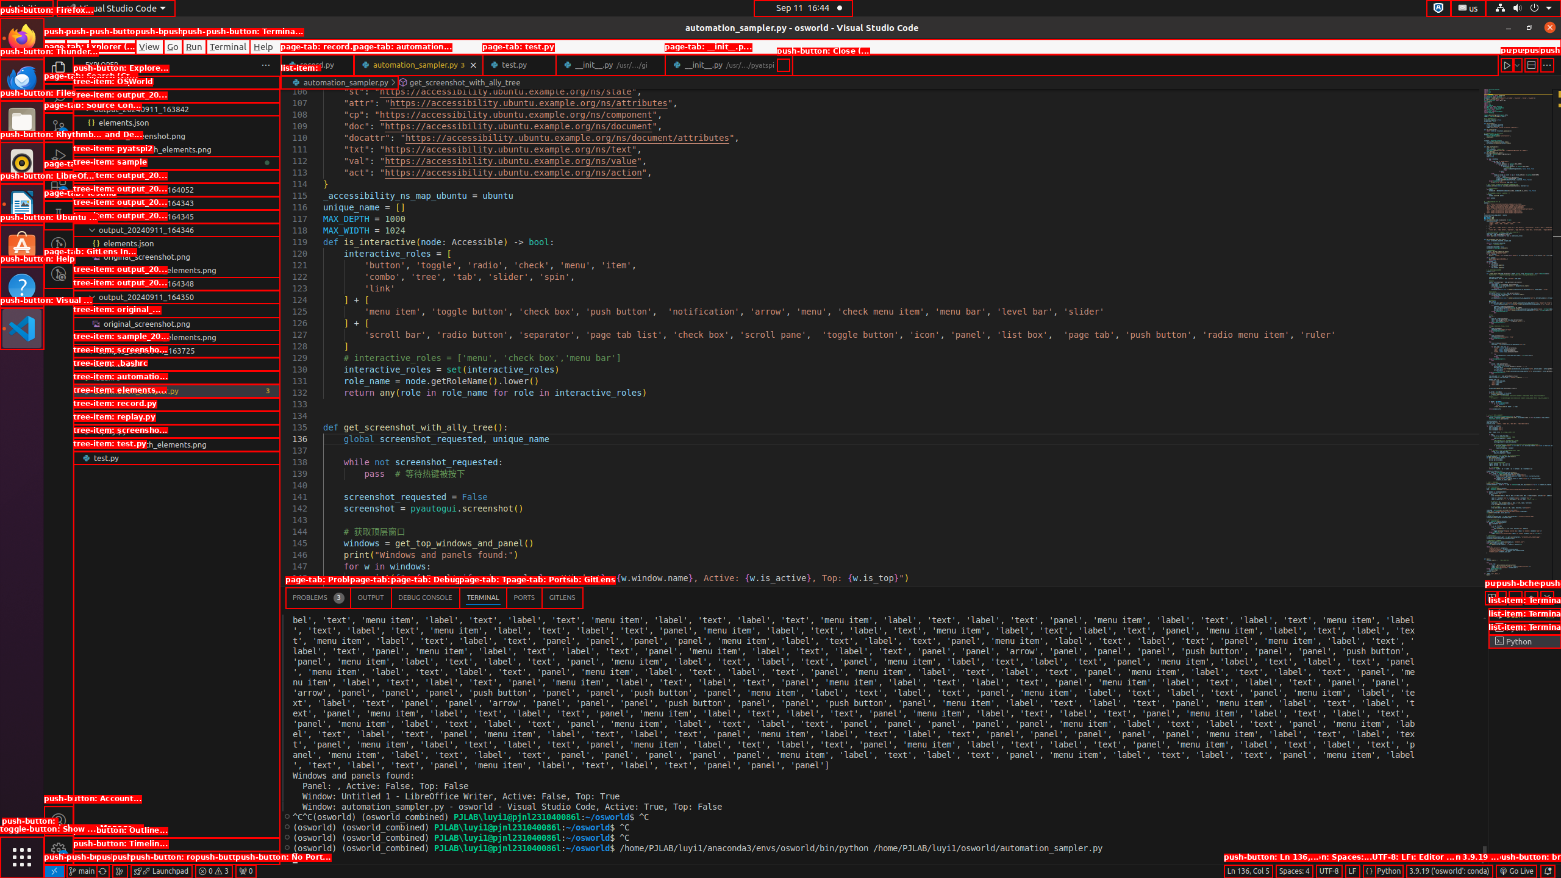 The width and height of the screenshot is (1561, 878). I want to click on 'Edit', so click(77, 46).